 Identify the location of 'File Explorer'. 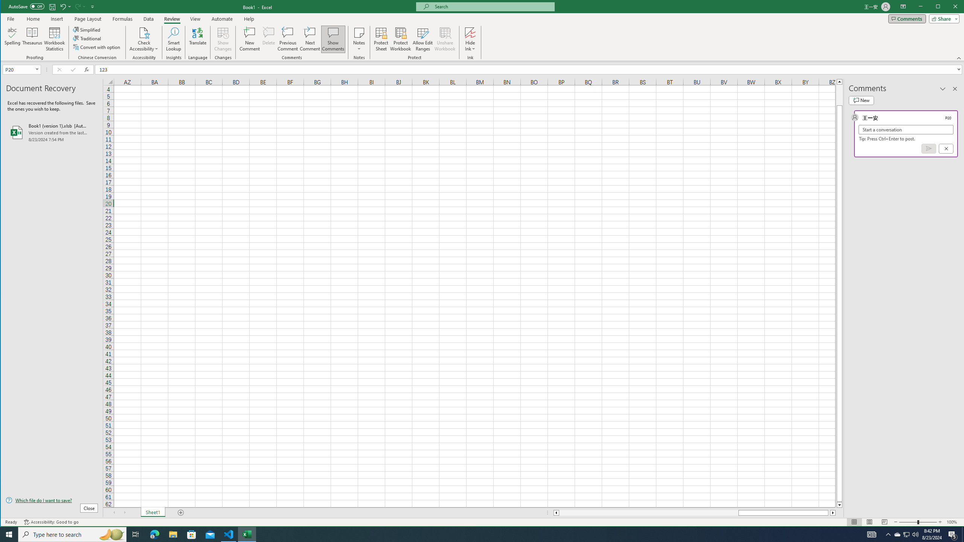
(172, 534).